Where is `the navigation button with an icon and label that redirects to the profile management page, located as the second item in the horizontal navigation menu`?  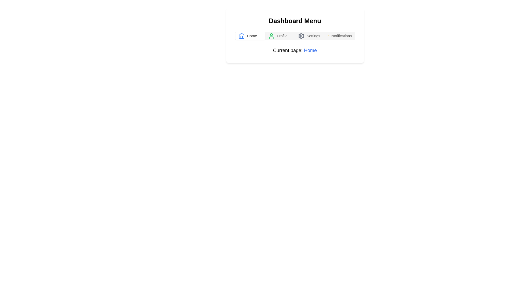
the navigation button with an icon and label that redirects to the profile management page, located as the second item in the horizontal navigation menu is located at coordinates (279, 36).